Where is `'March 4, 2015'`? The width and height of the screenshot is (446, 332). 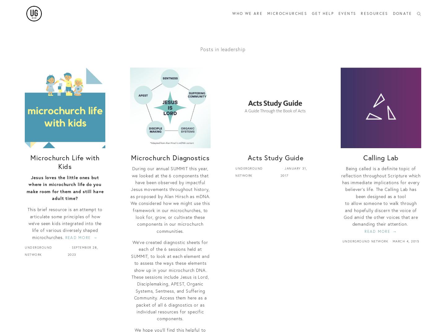 'March 4, 2015' is located at coordinates (392, 241).